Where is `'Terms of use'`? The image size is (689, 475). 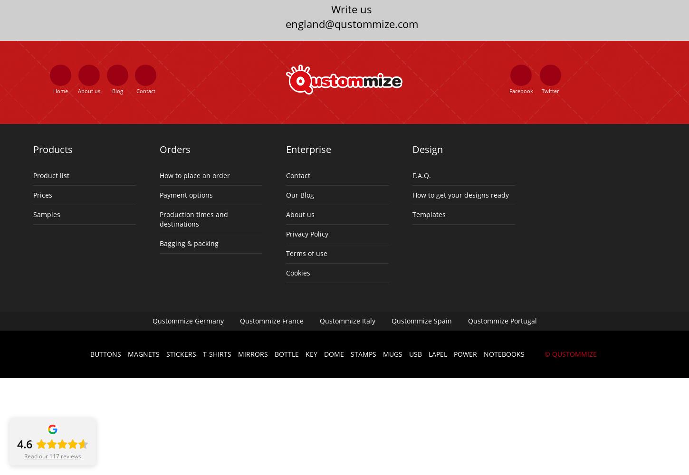
'Terms of use' is located at coordinates (306, 253).